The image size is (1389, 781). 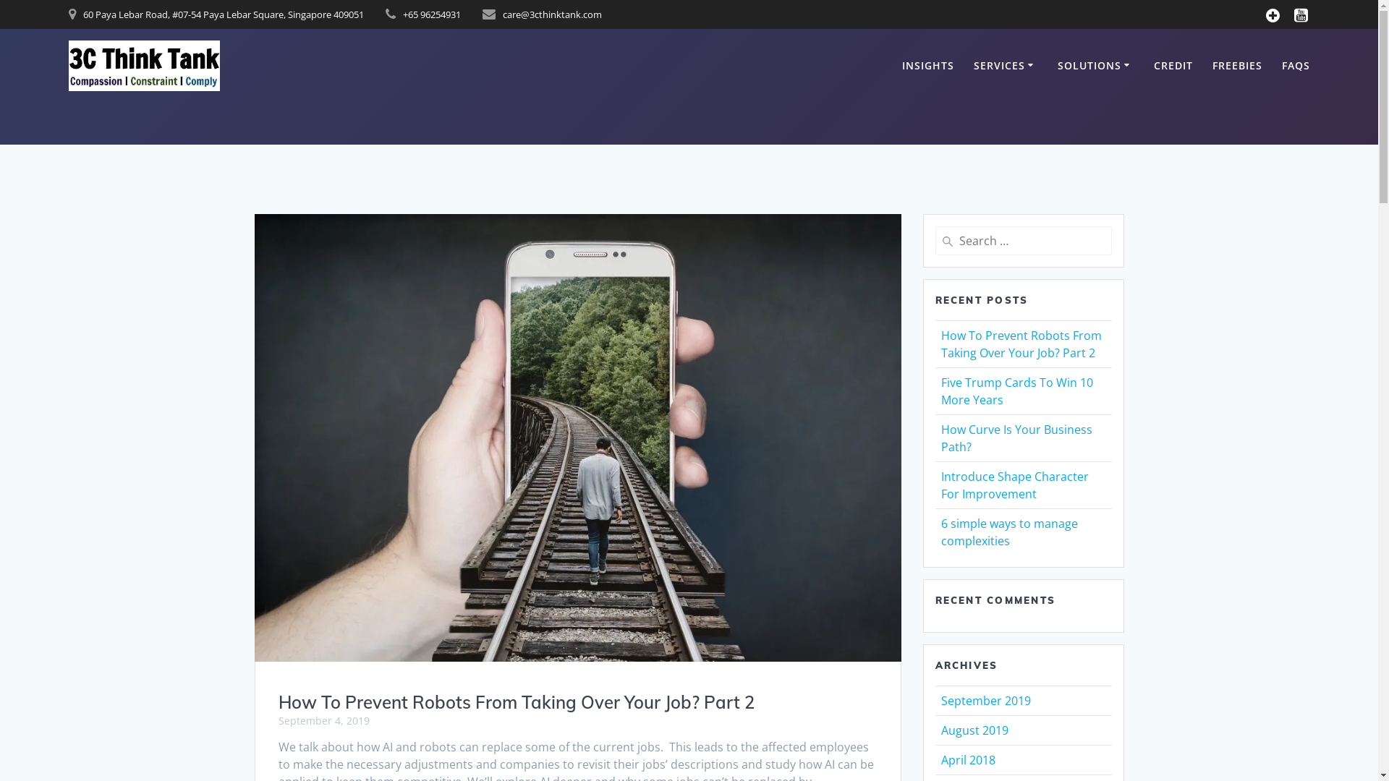 What do you see at coordinates (1281, 66) in the screenshot?
I see `'FAQS'` at bounding box center [1281, 66].